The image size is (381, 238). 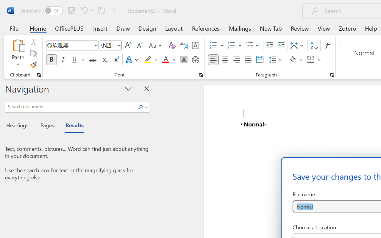 What do you see at coordinates (156, 46) in the screenshot?
I see `'Change Case'` at bounding box center [156, 46].